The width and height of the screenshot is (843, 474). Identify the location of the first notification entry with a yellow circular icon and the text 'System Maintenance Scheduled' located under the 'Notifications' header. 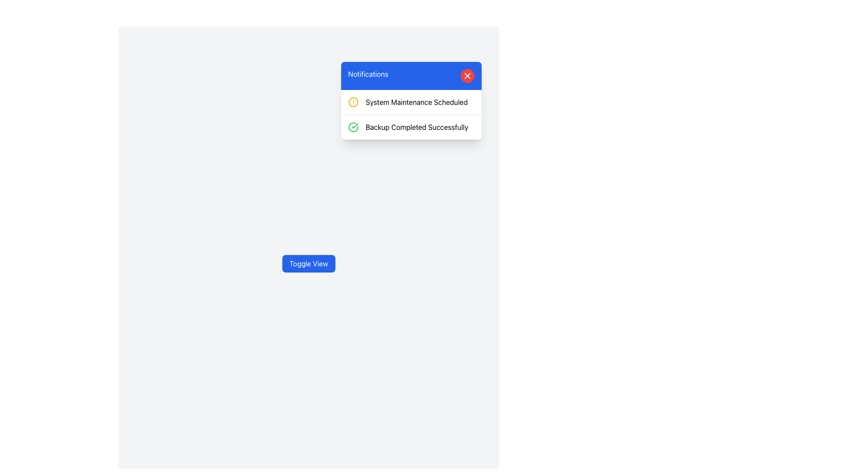
(411, 101).